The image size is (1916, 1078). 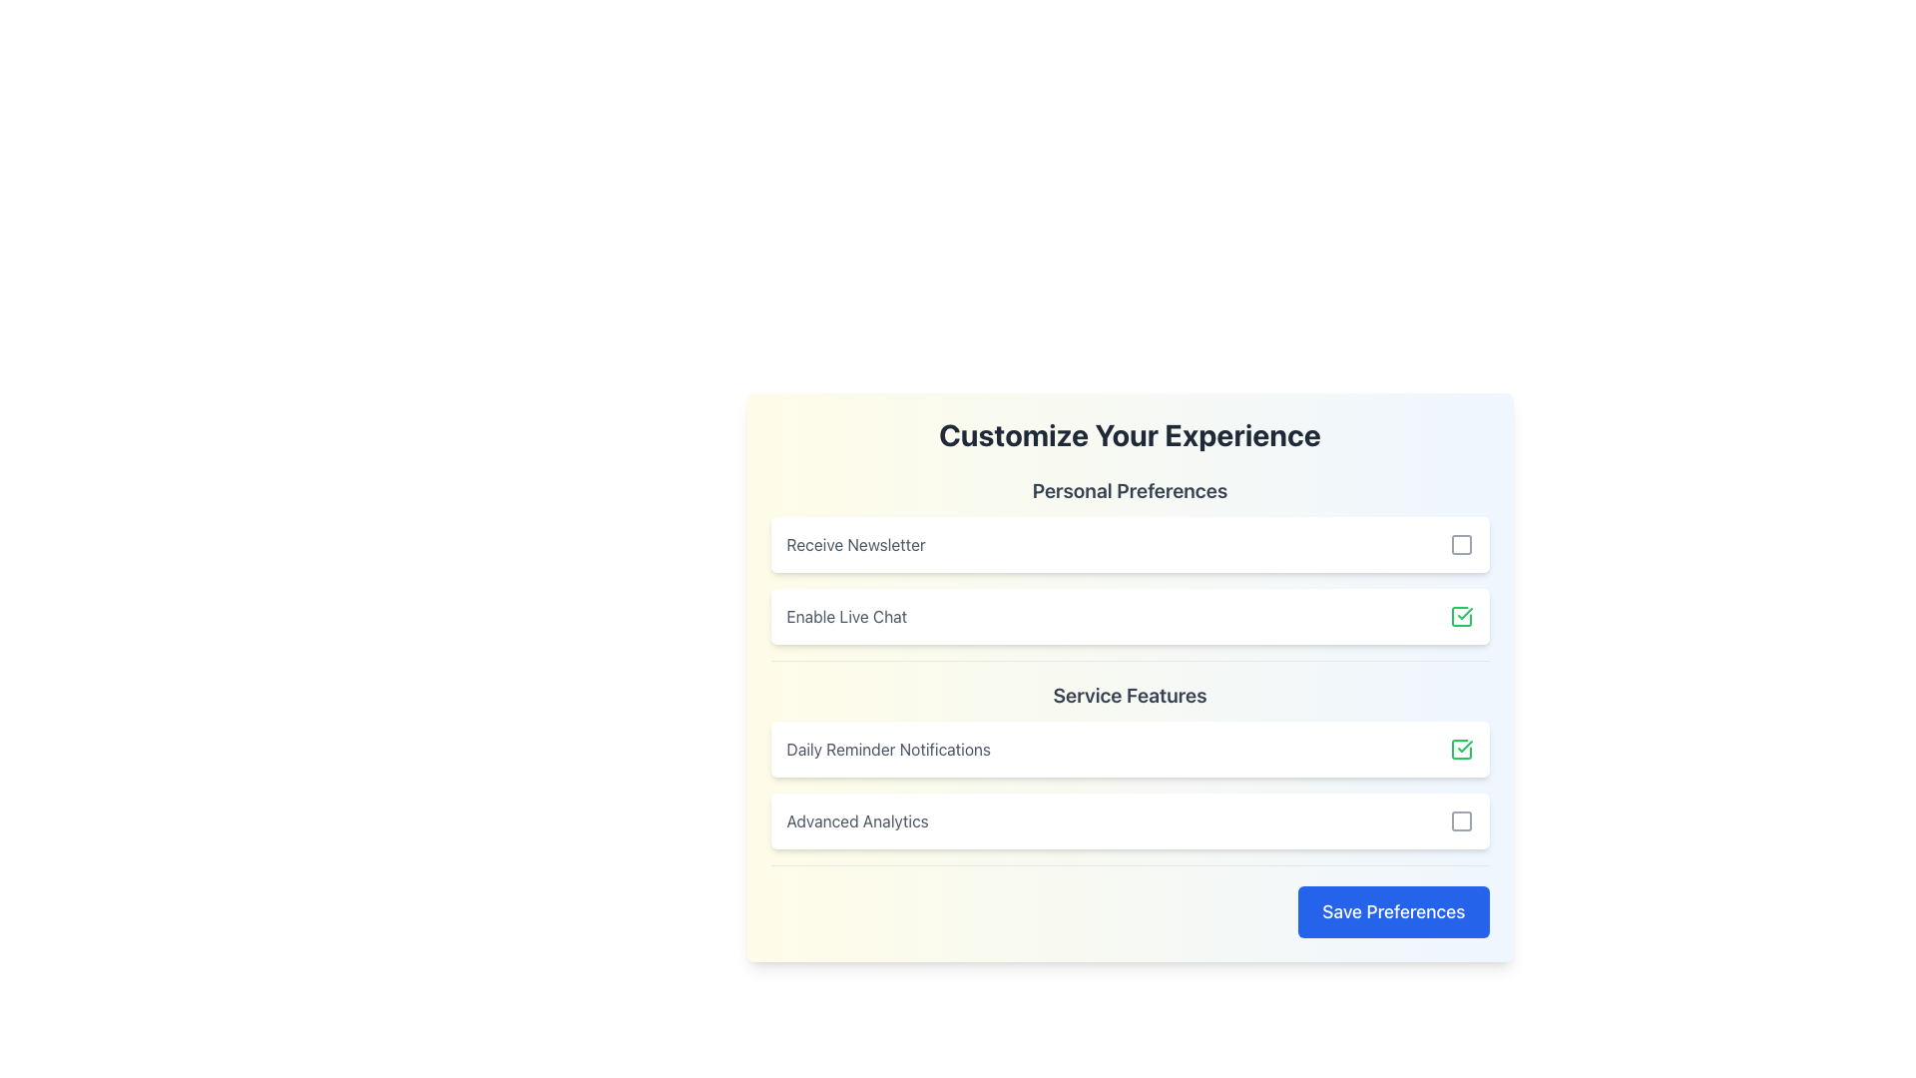 What do you see at coordinates (1461, 820) in the screenshot?
I see `the square-shaped button with a gray border located to the right of the 'Advanced Analytics' text` at bounding box center [1461, 820].